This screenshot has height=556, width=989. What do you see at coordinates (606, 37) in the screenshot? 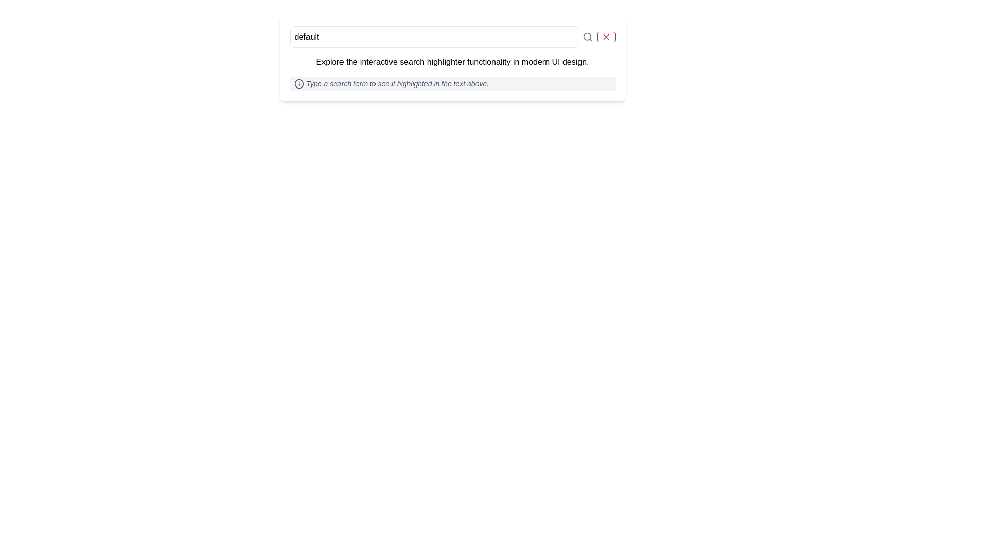
I see `the close button located at the far right of the group of elements to observe potential styling changes` at bounding box center [606, 37].